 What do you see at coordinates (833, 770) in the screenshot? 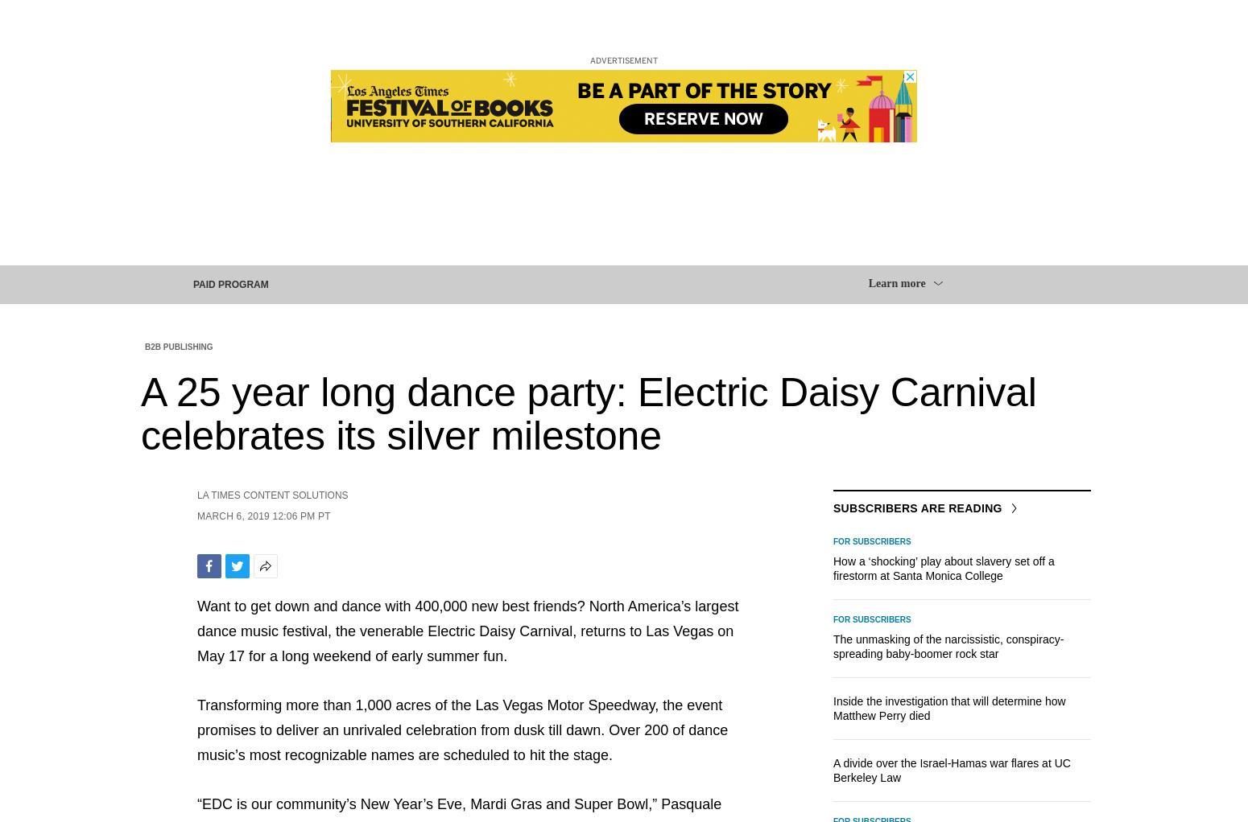
I see `'A divide over the Israel-Hamas war flares at UC Berkeley Law'` at bounding box center [833, 770].